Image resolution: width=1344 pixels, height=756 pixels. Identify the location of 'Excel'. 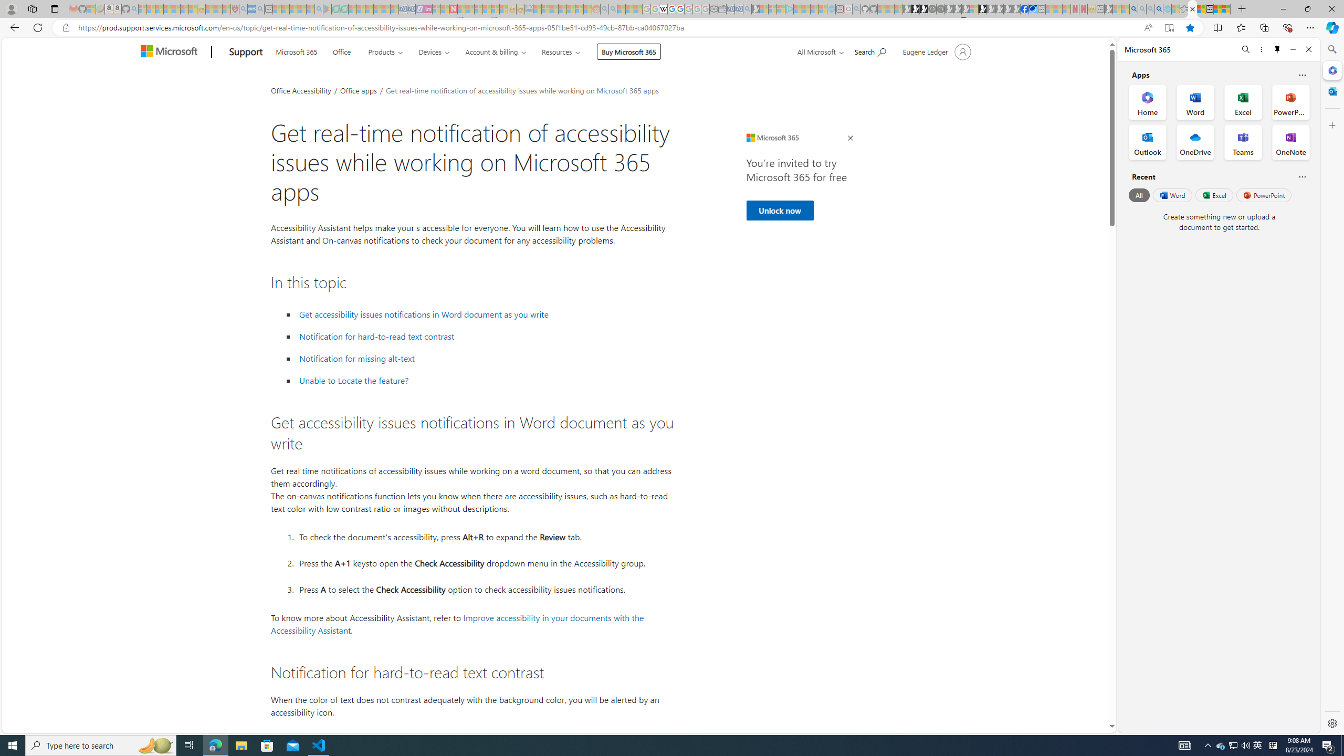
(1213, 195).